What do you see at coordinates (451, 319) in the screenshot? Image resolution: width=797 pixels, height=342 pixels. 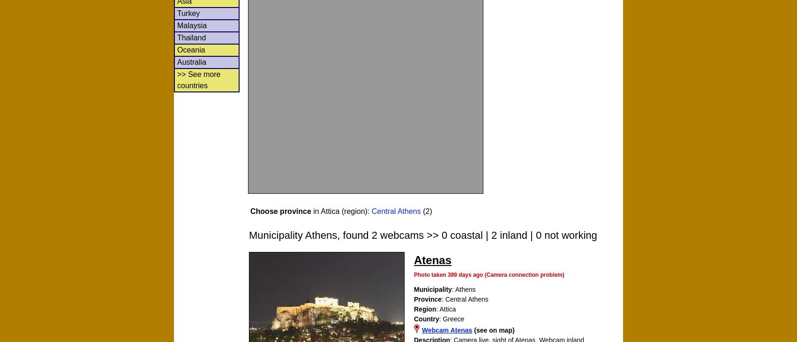 I see `':
	Greece'` at bounding box center [451, 319].